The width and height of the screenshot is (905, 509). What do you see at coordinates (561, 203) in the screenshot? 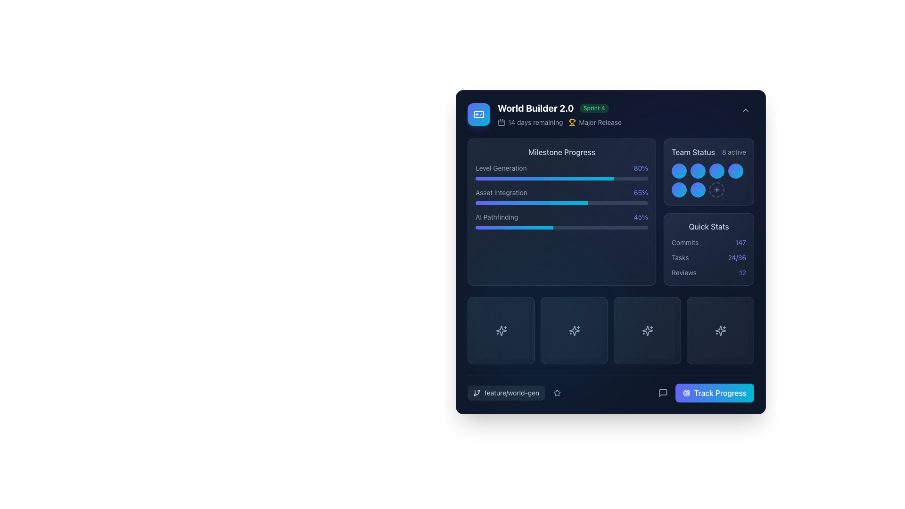
I see `the horizontal progress bar located below the 'Asset Integration' label and percentage text within the 'Milestone Progress' group` at bounding box center [561, 203].